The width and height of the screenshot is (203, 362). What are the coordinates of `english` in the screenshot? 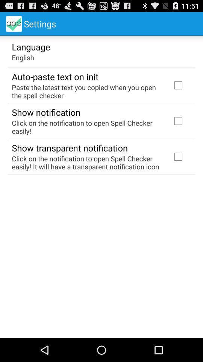 It's located at (23, 57).